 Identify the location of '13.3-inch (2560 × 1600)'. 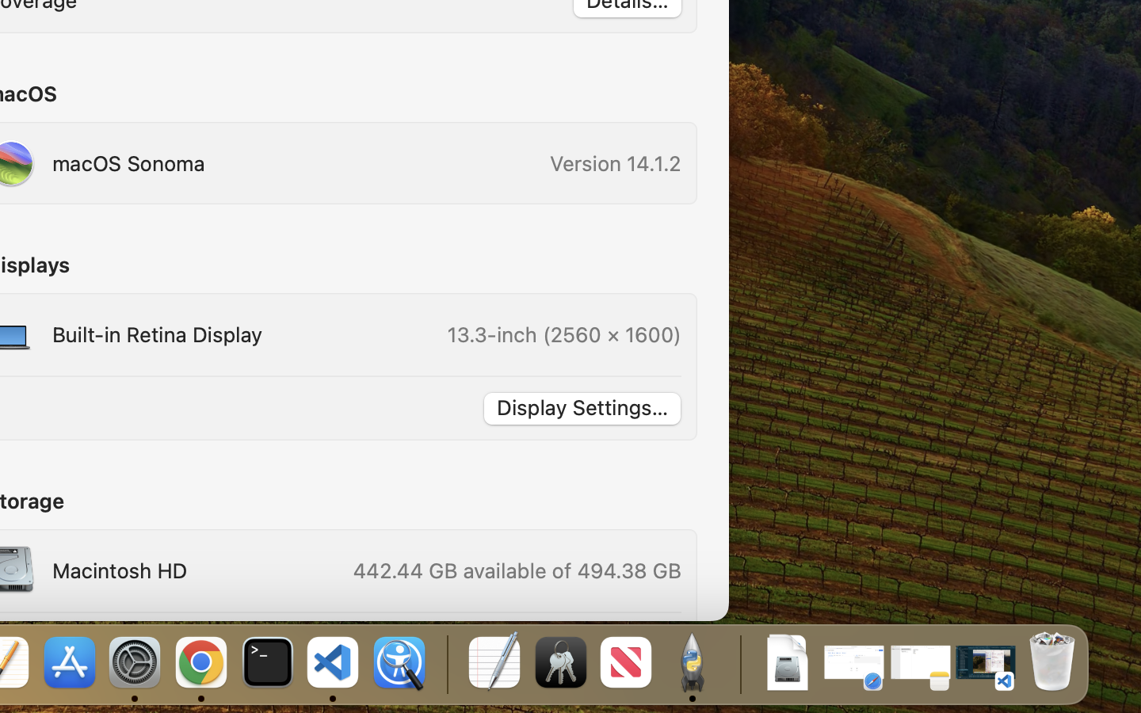
(563, 334).